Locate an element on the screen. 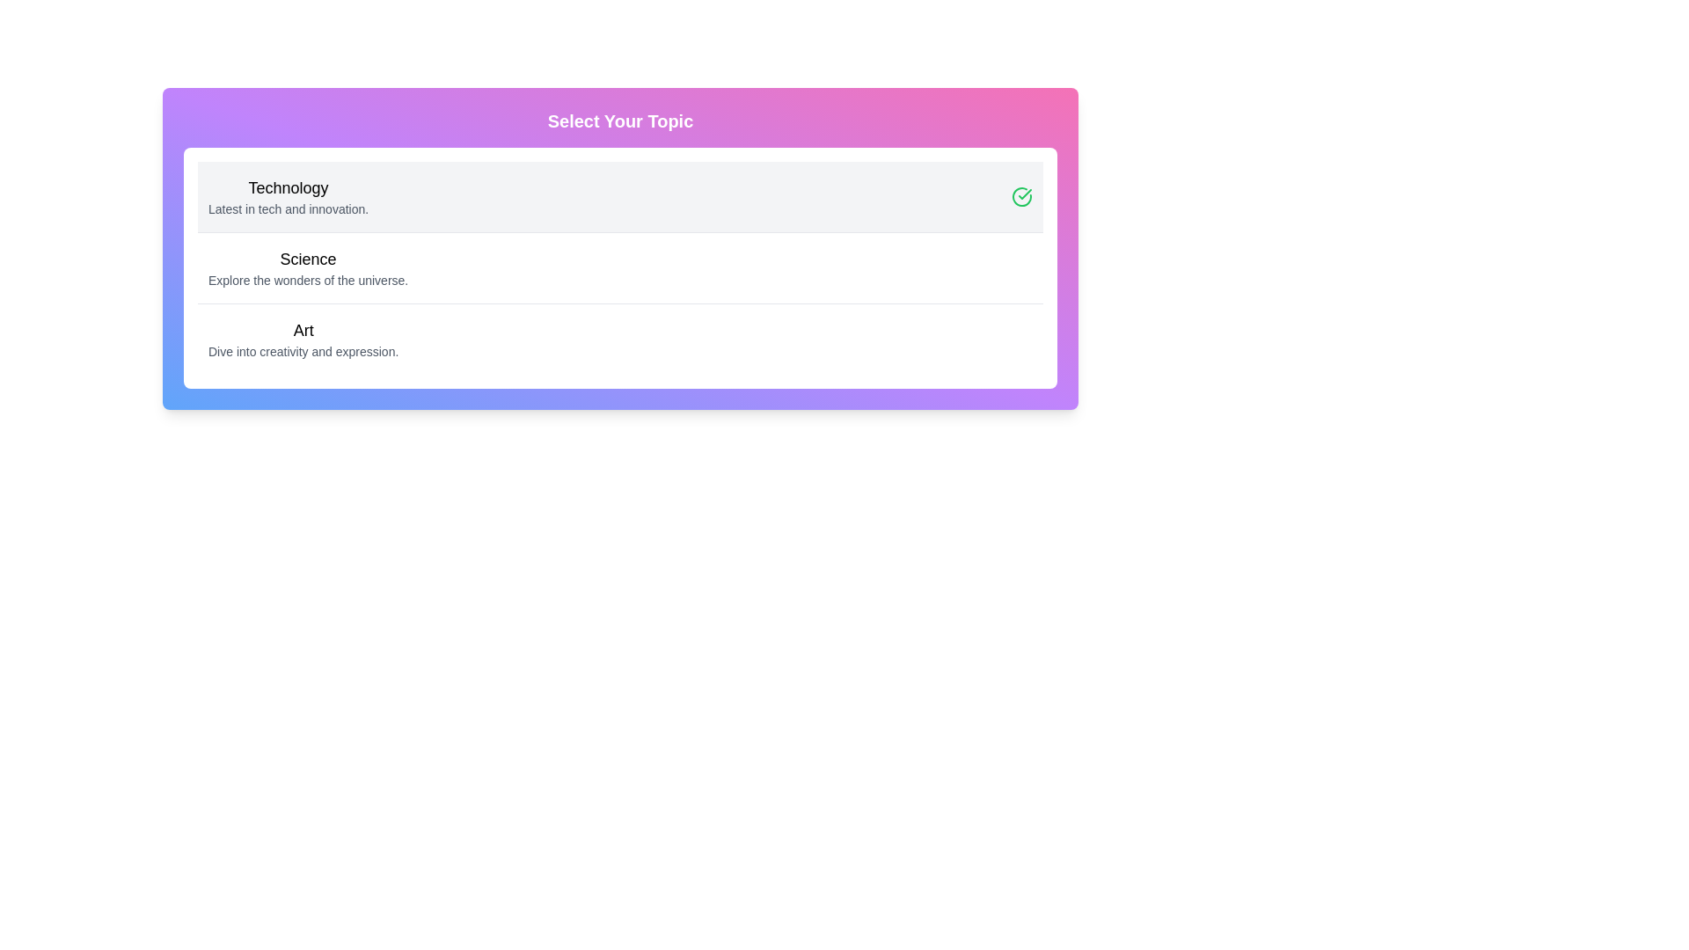 This screenshot has height=950, width=1689. the 'Technology' menu item card located at the top of the selection menu is located at coordinates (620, 196).